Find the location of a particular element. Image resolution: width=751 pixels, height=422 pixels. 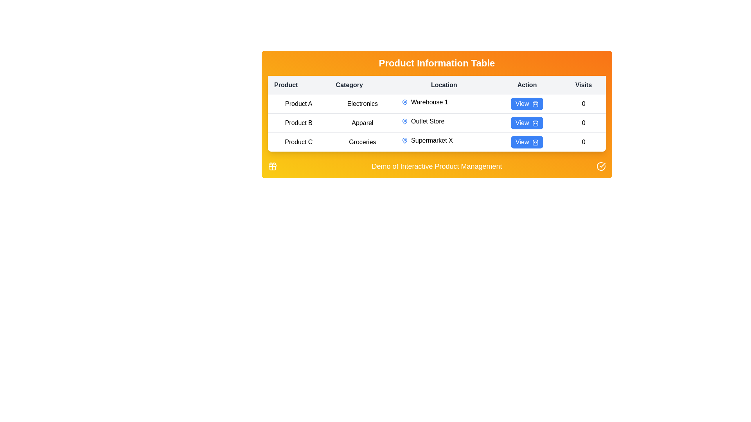

the text label displaying the location name in the third column of the first row of the 'Product Information Table', which is positioned after 'Electronics' and before the 'View' button is located at coordinates (444, 102).